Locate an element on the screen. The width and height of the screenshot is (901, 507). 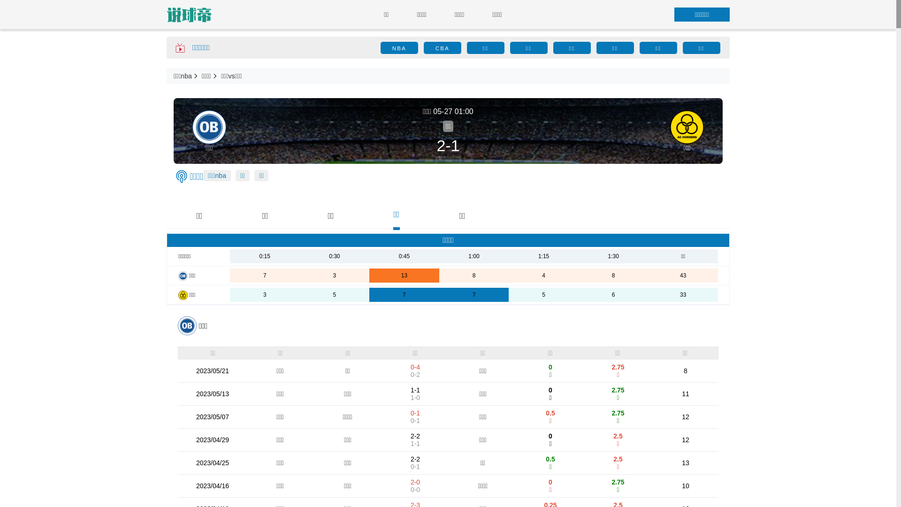
'CBA' is located at coordinates (442, 48).